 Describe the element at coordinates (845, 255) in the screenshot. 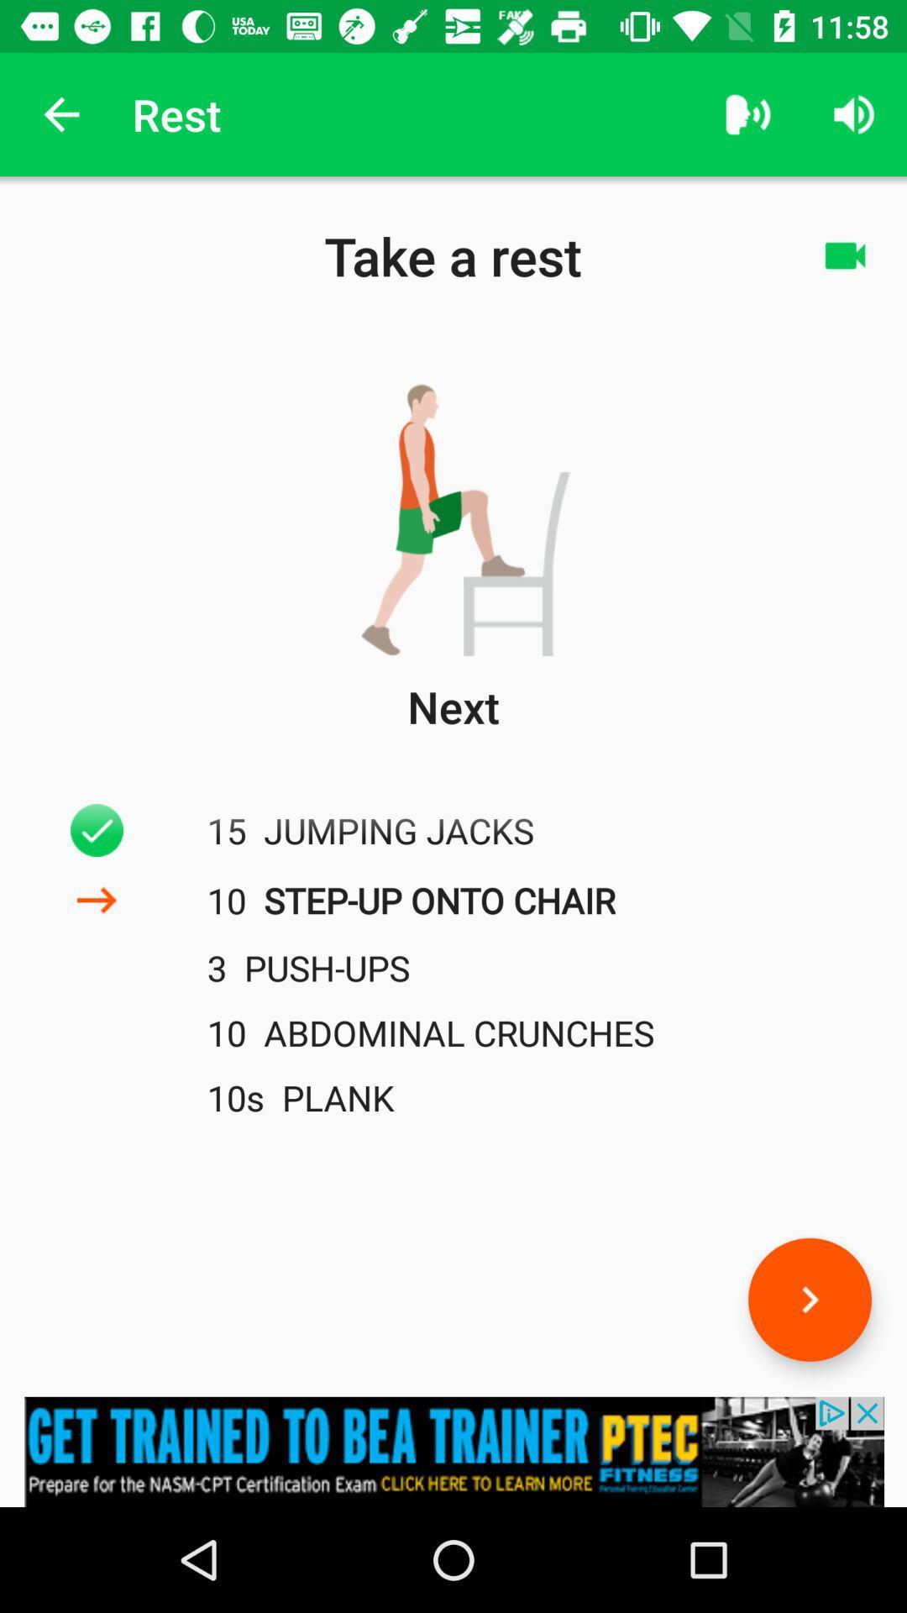

I see `the videocam icon` at that location.